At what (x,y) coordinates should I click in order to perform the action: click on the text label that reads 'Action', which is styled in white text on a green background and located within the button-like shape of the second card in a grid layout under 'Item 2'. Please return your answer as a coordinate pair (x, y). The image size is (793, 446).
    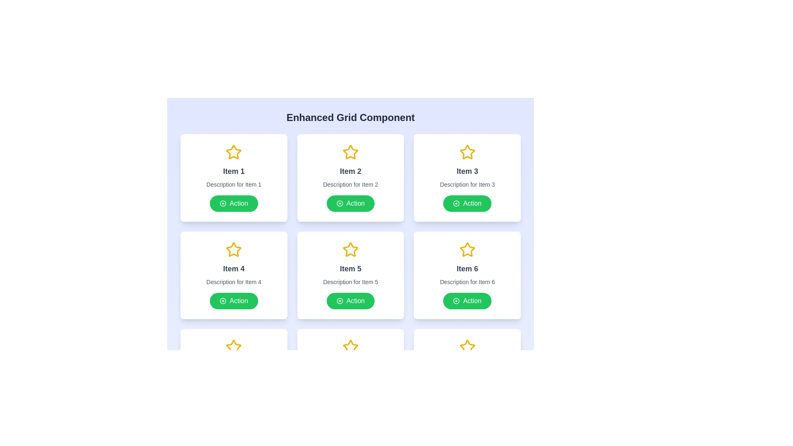
    Looking at the image, I should click on (355, 204).